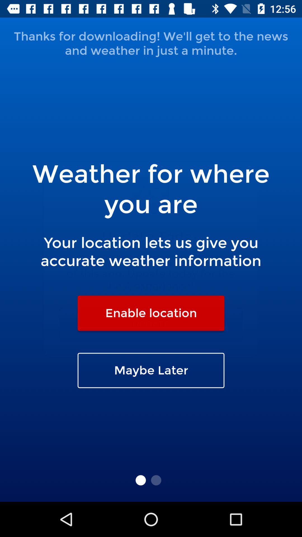  Describe the element at coordinates (151, 313) in the screenshot. I see `the icon above the maybe later icon` at that location.